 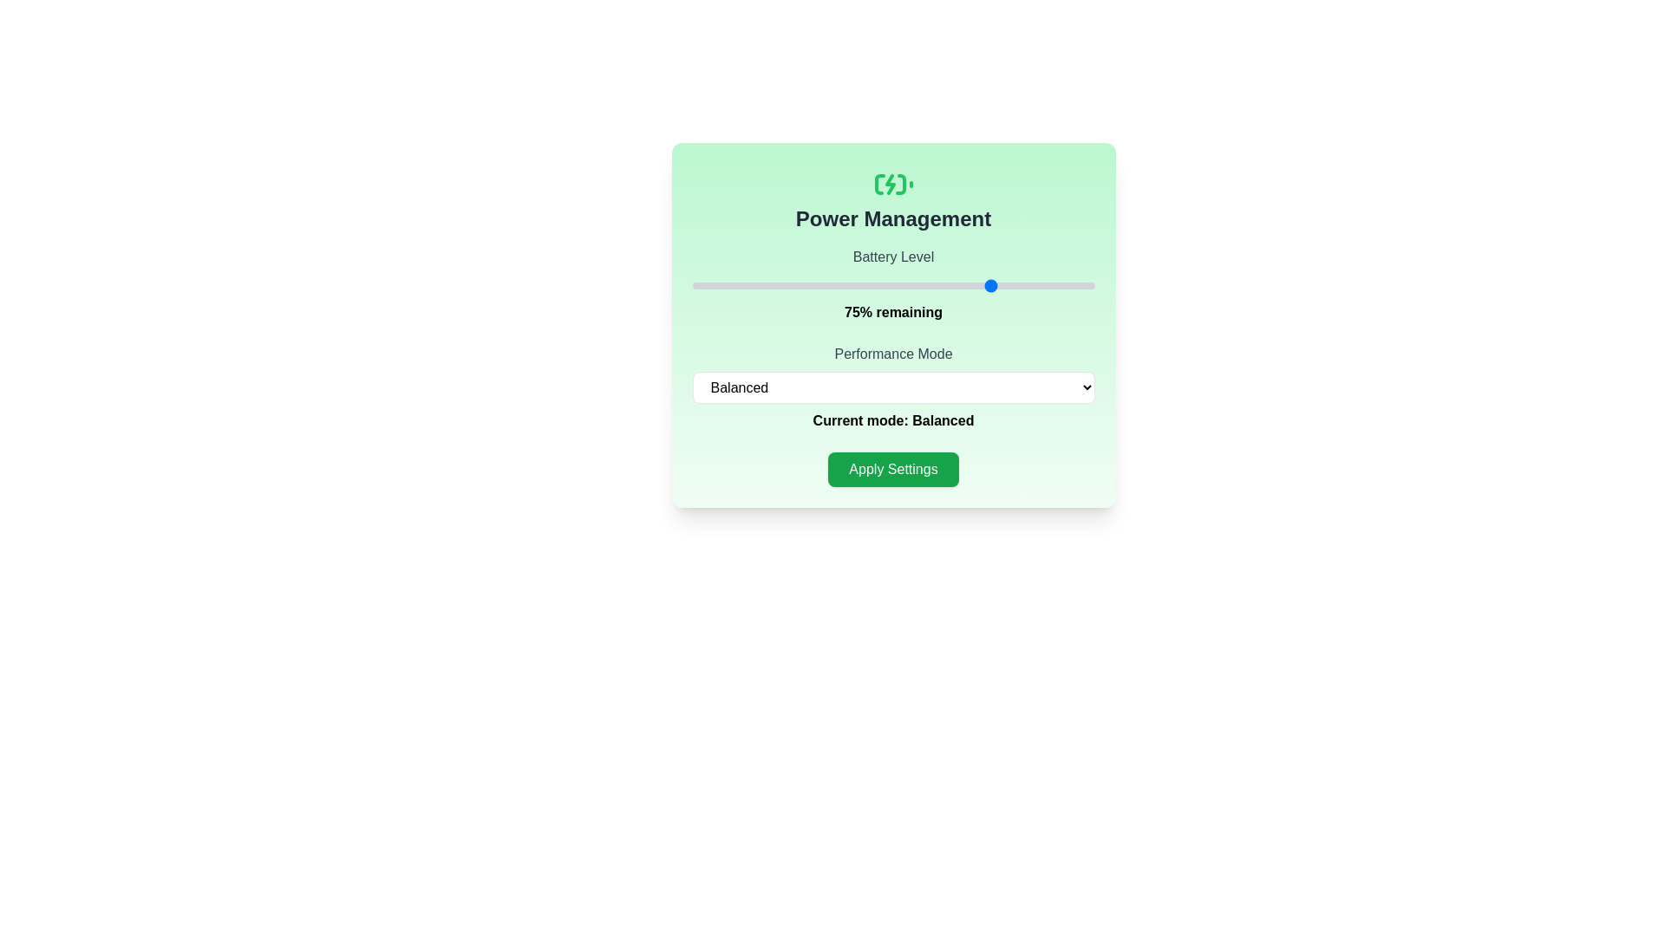 What do you see at coordinates (893, 387) in the screenshot?
I see `the performance mode Performance from the dropdown menu` at bounding box center [893, 387].